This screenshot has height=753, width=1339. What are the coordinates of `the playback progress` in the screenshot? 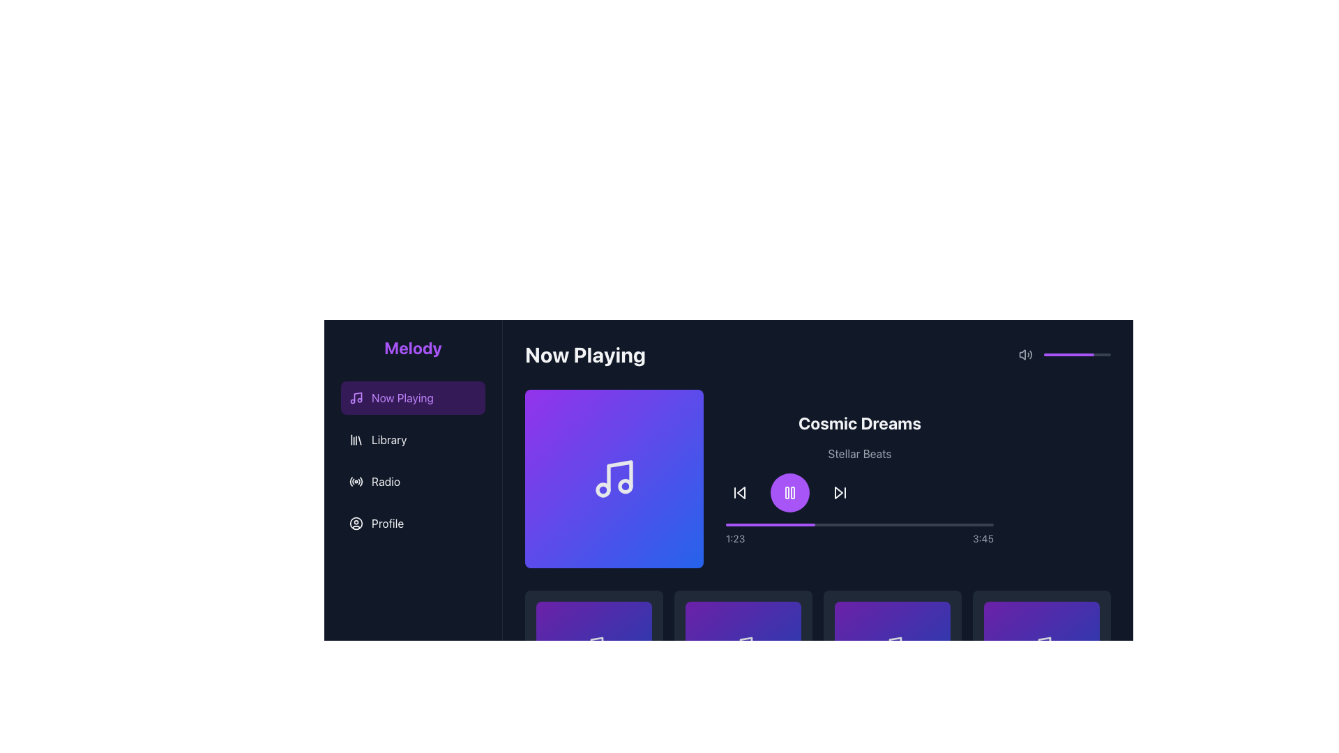 It's located at (880, 524).